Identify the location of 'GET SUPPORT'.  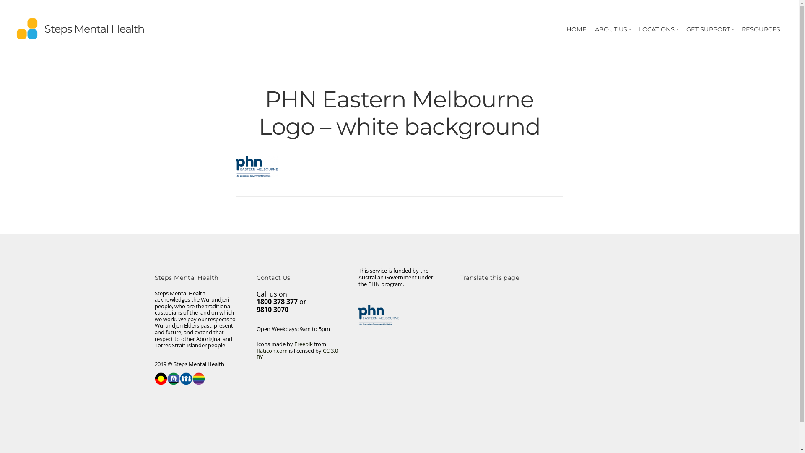
(683, 29).